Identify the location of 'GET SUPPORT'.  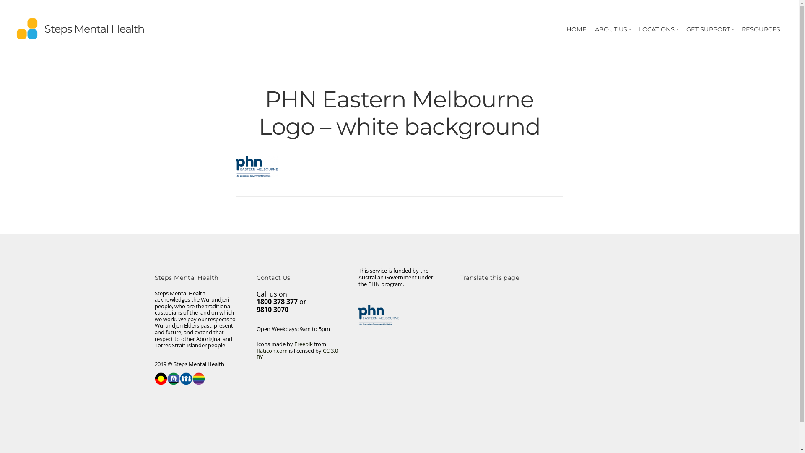
(683, 29).